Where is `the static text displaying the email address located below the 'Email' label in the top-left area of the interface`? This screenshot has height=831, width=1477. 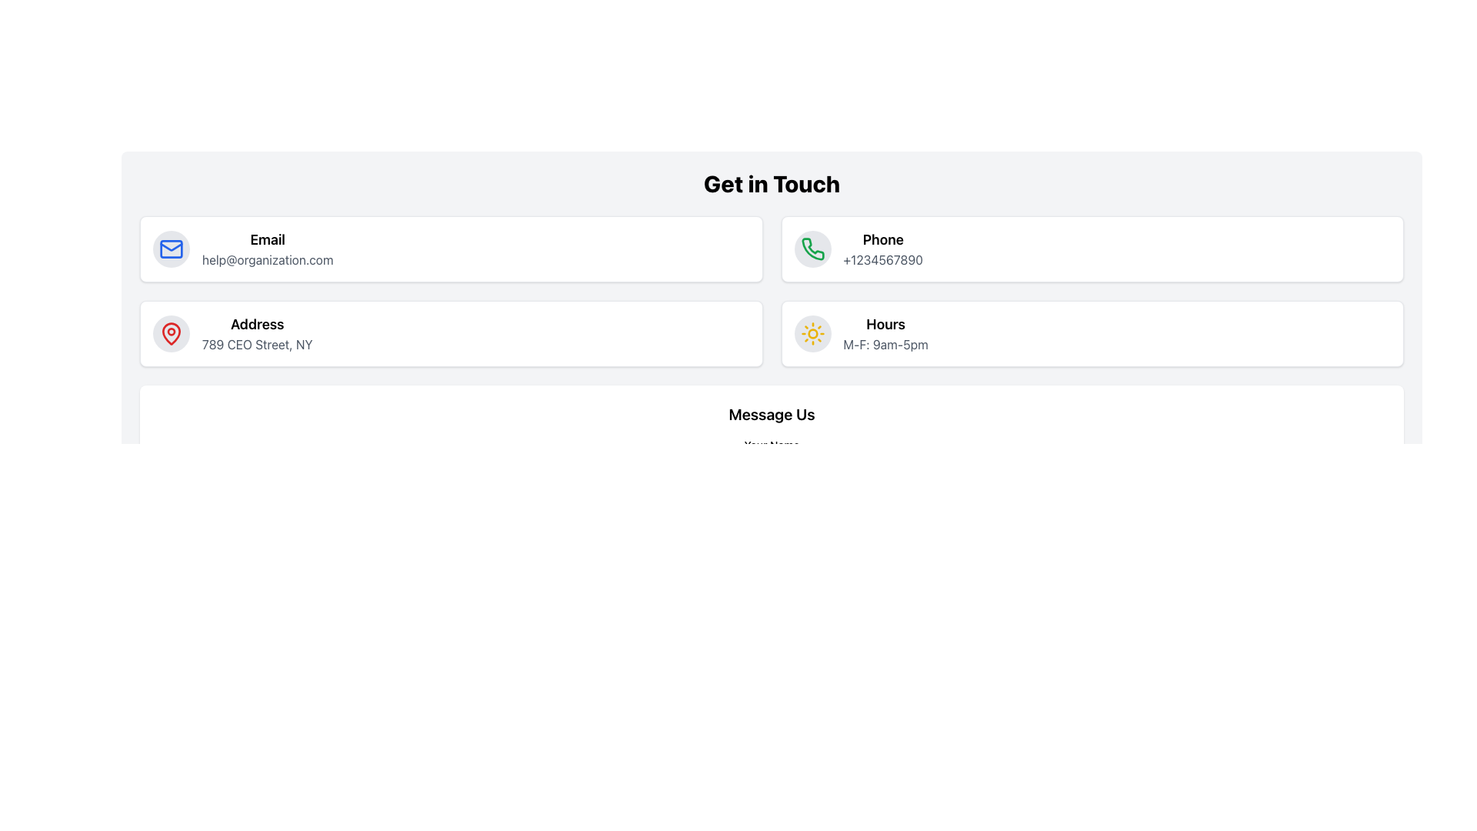
the static text displaying the email address located below the 'Email' label in the top-left area of the interface is located at coordinates (268, 259).